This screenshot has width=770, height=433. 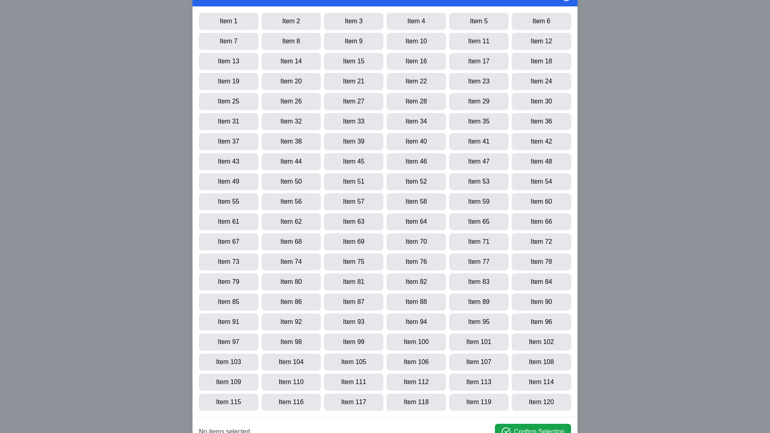 I want to click on 'Confirm Selection' button to finalize the selected items, so click(x=533, y=431).